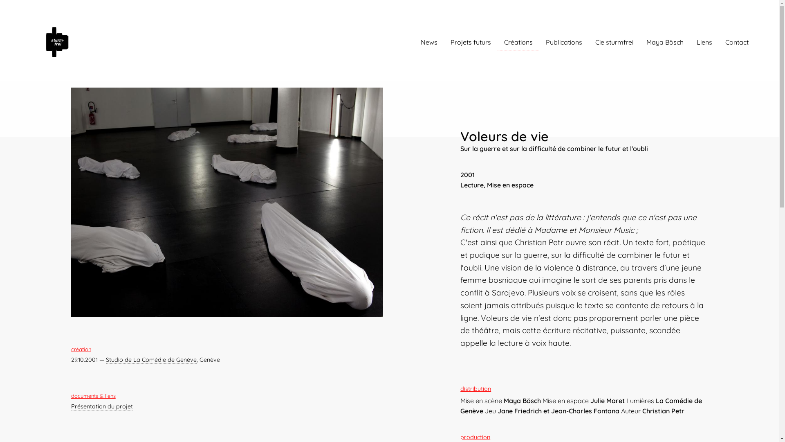  I want to click on 'Projets futurs', so click(471, 42).